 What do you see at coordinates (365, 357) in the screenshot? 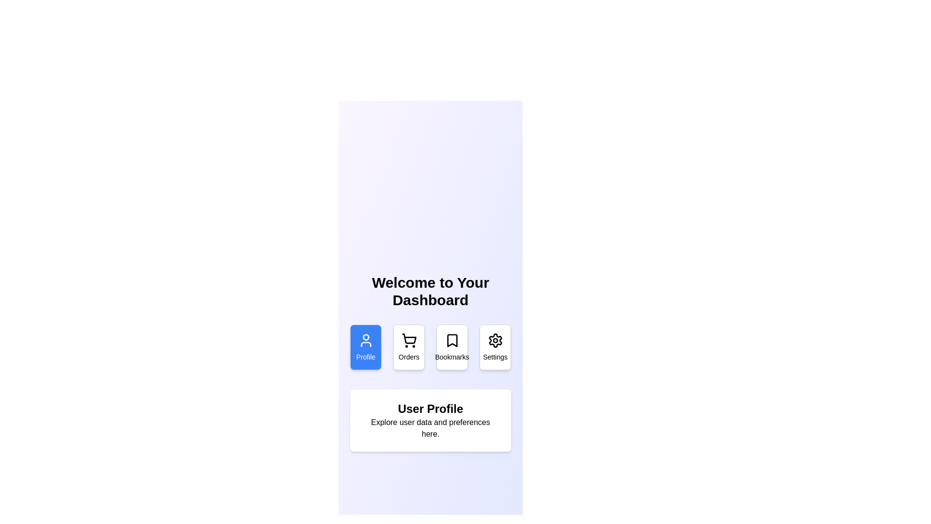
I see `the 'Profile' text label located under the user icon within a blue rounded rectangle in the dashboard menu` at bounding box center [365, 357].